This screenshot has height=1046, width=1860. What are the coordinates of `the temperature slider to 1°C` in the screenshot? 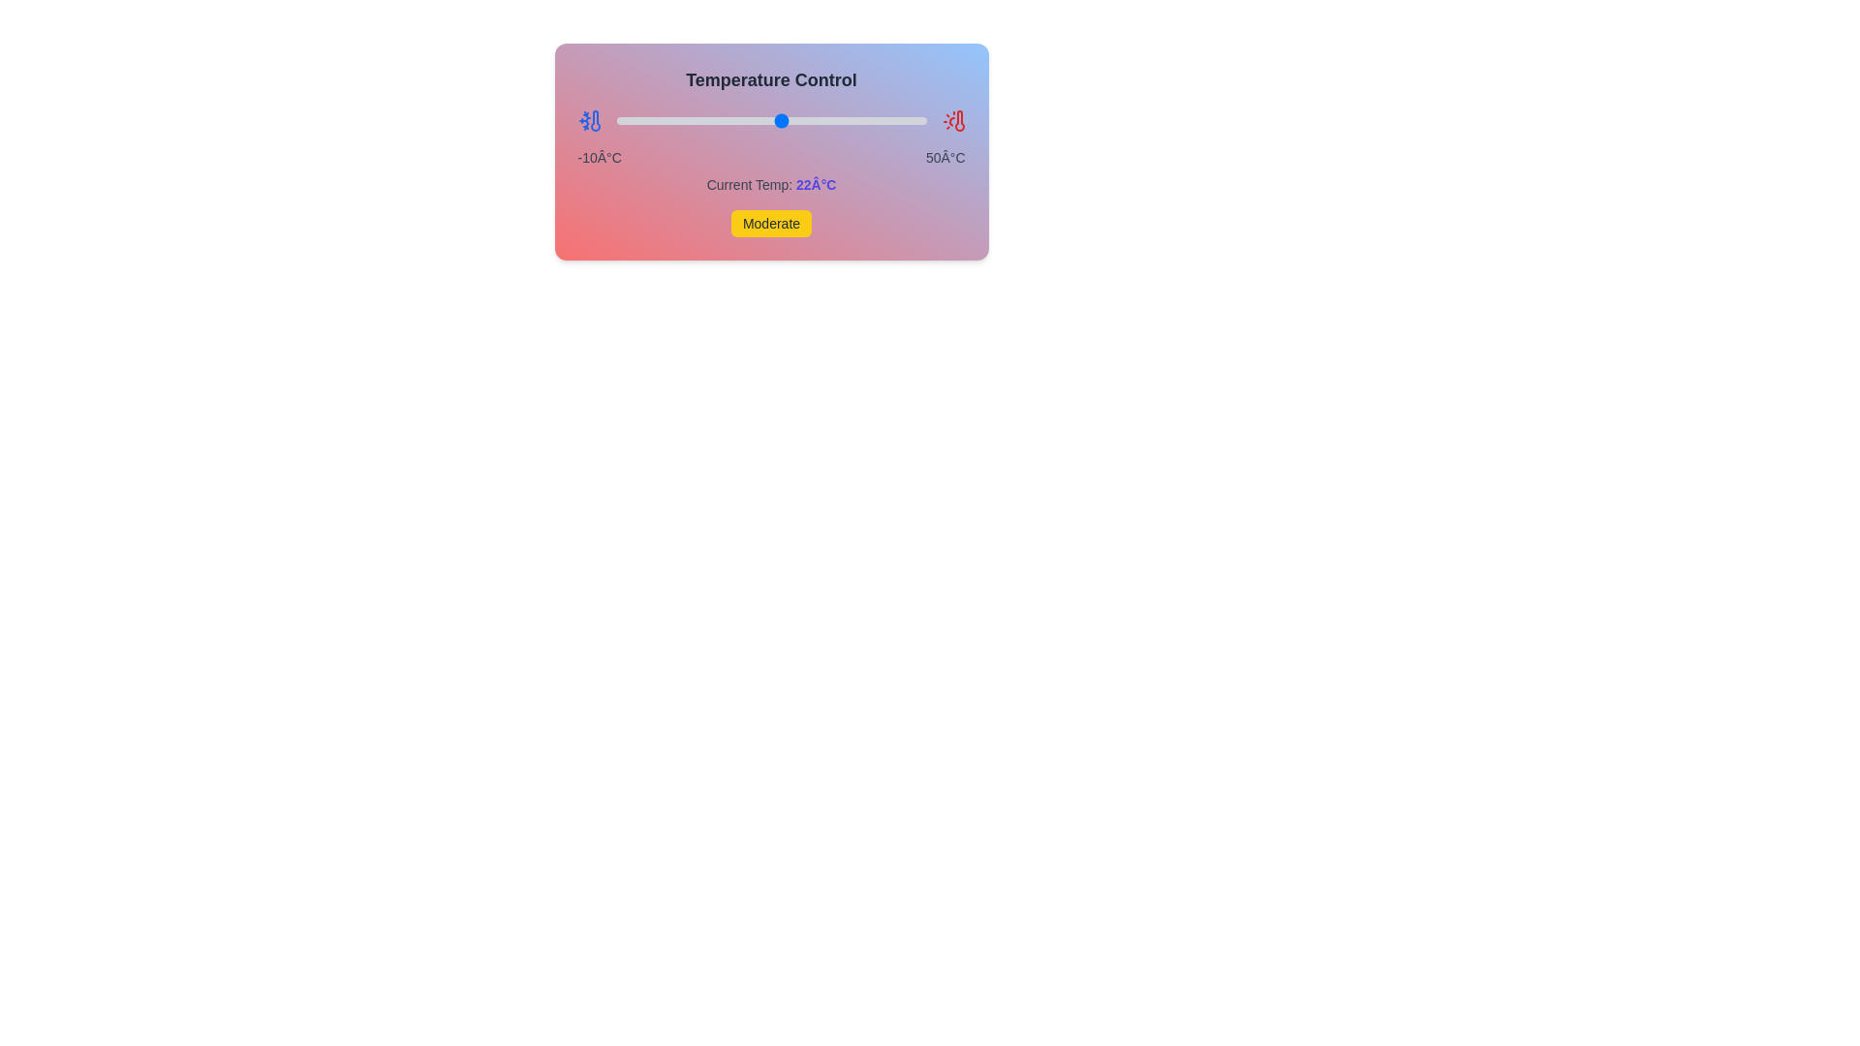 It's located at (673, 120).